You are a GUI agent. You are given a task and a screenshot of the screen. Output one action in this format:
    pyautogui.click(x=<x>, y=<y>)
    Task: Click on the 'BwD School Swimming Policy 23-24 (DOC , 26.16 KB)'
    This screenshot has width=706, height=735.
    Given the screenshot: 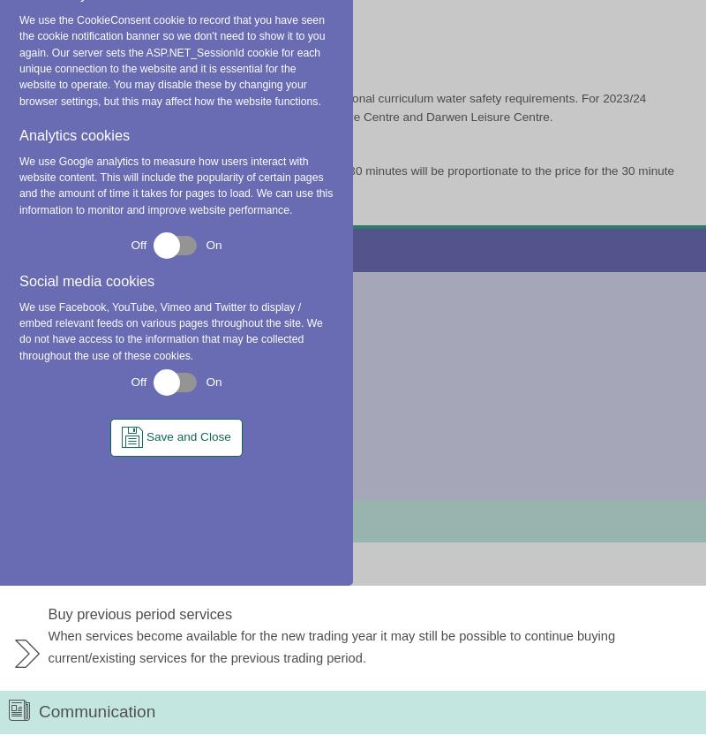 What is the action you would take?
    pyautogui.click(x=182, y=23)
    